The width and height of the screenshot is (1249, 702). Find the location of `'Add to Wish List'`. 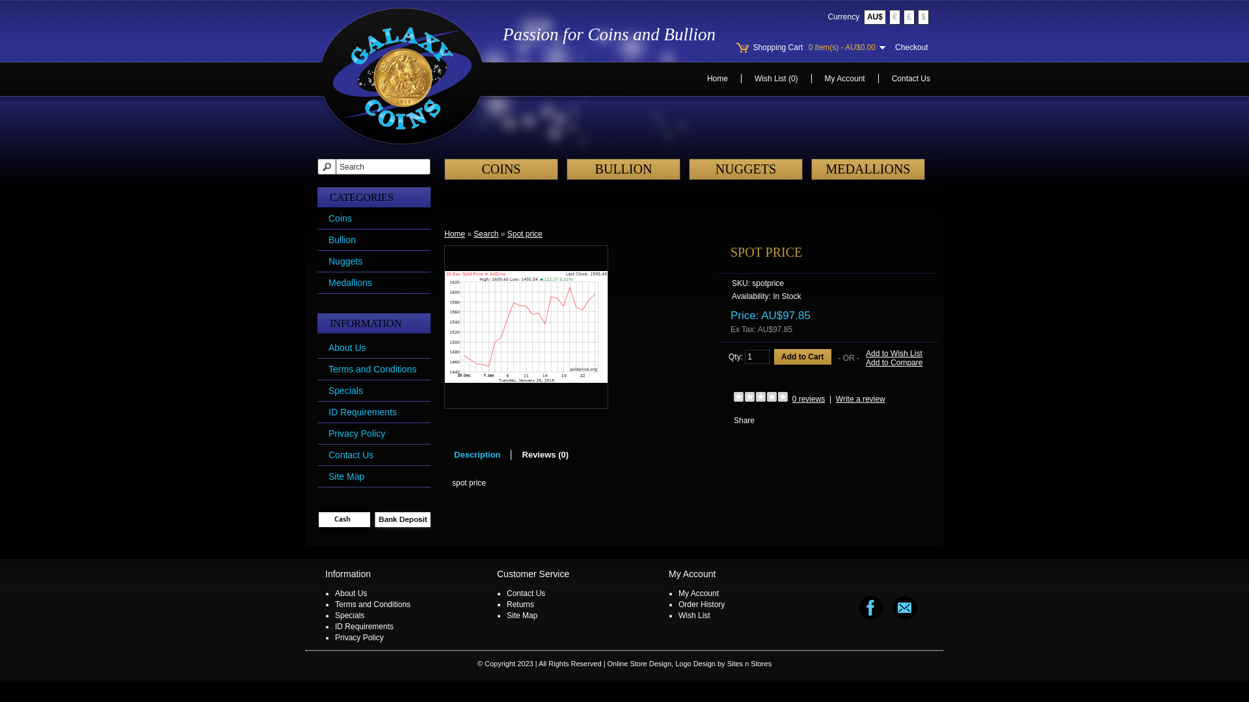

'Add to Wish List' is located at coordinates (893, 353).